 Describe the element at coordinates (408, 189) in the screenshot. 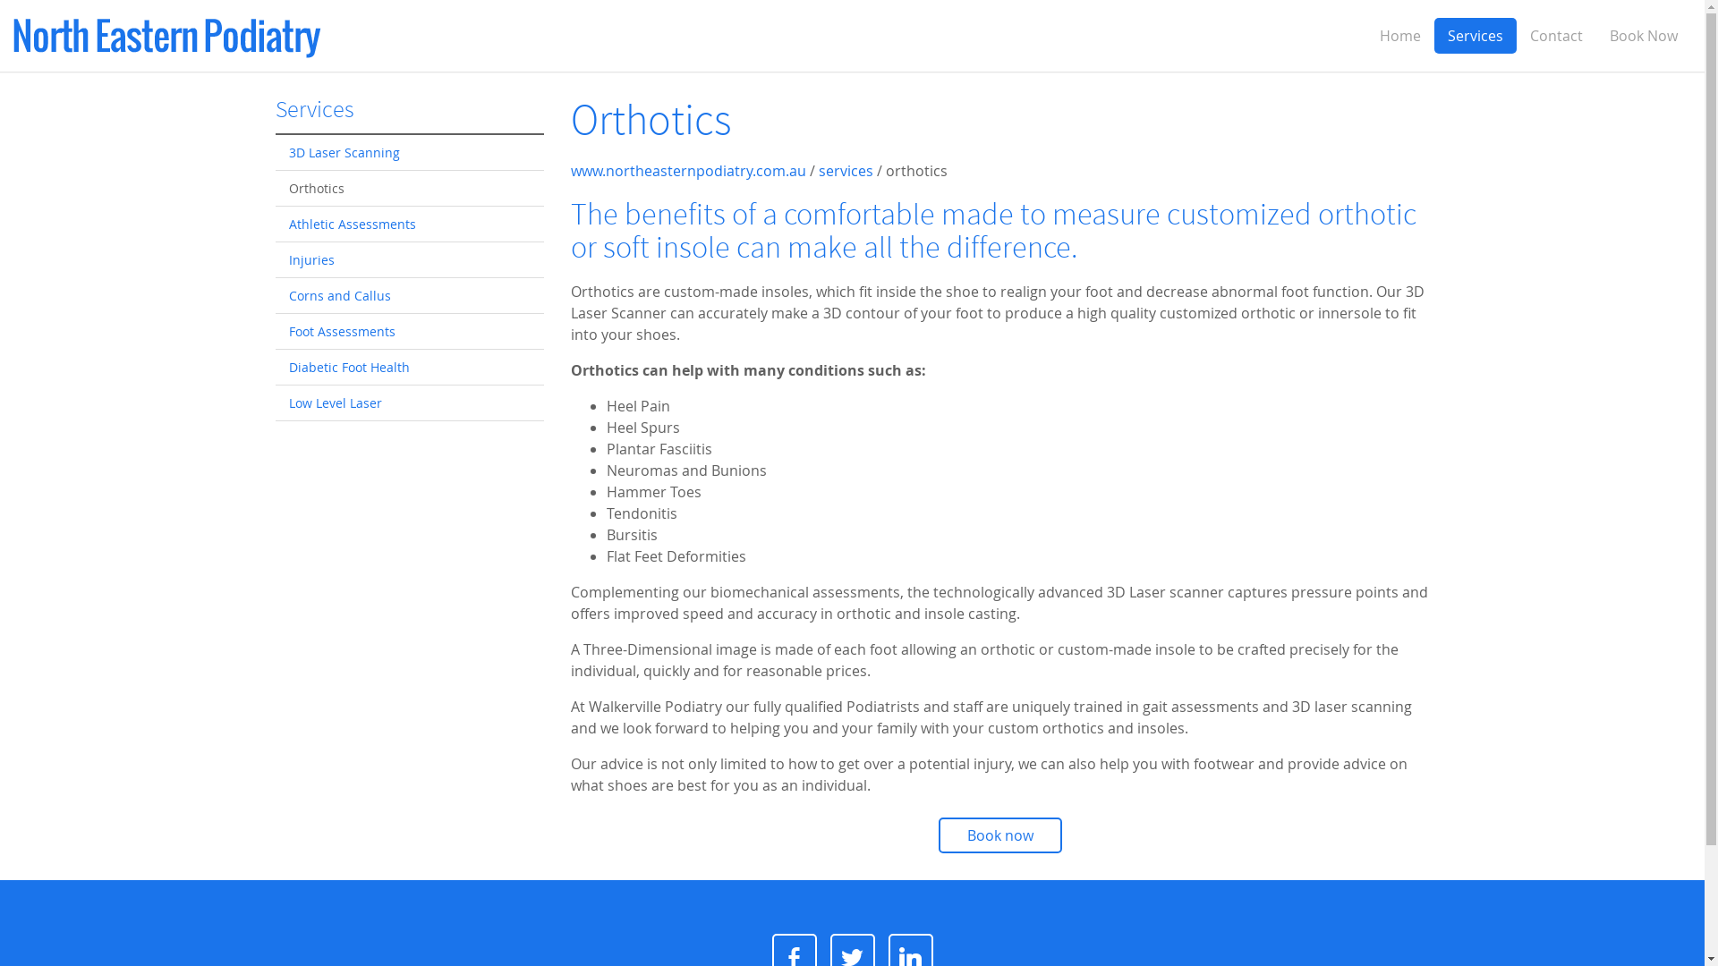

I see `'Orthotics'` at that location.